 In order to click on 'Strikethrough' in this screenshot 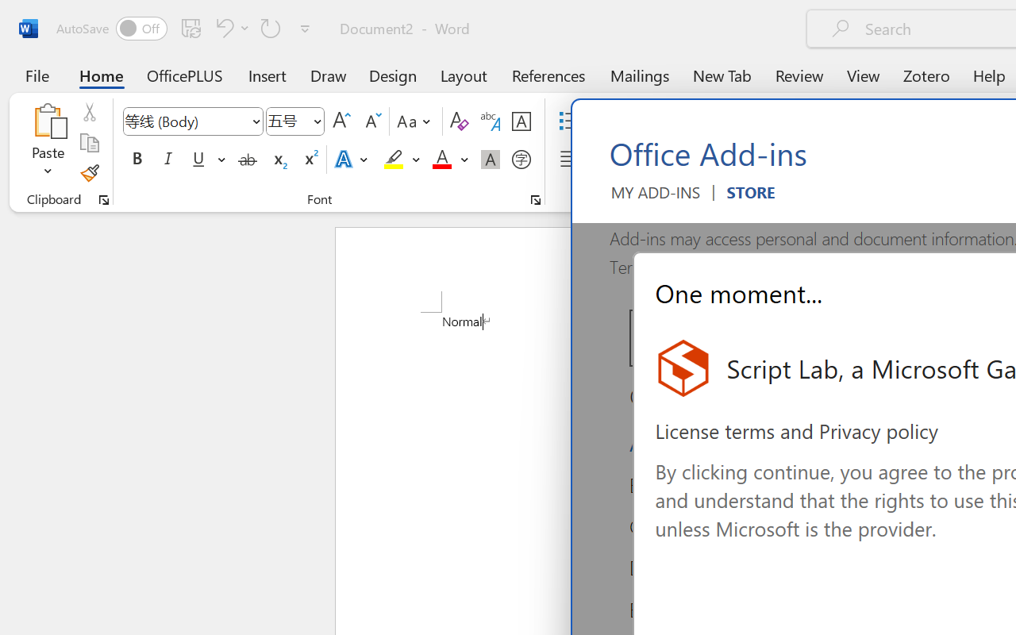, I will do `click(247, 160)`.